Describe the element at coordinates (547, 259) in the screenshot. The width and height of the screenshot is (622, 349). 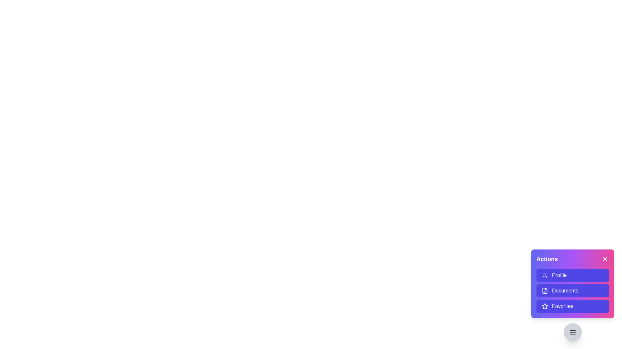
I see `the text label displaying 'Actions', which is styled in a large bold font in white against a gradient background` at that location.